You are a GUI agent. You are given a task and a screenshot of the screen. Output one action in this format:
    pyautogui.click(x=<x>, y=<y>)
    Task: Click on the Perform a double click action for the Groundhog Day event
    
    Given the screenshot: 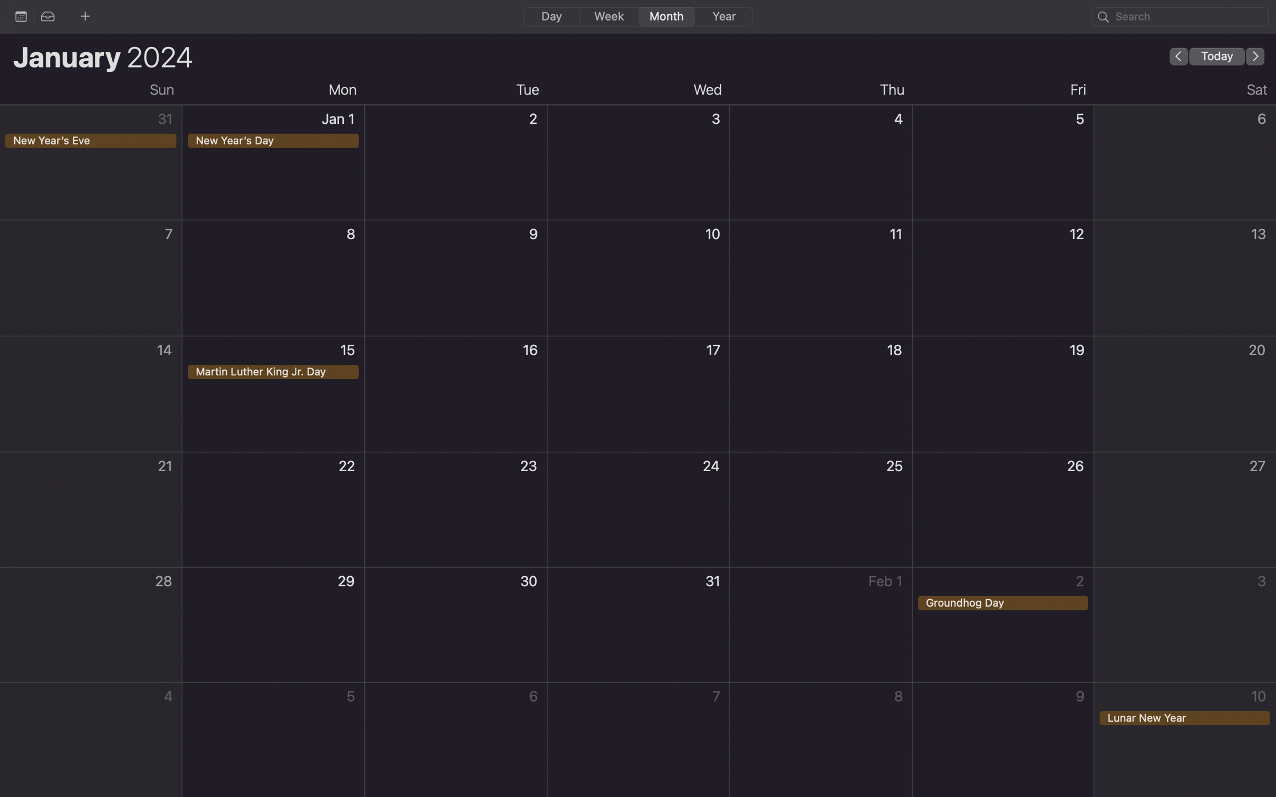 What is the action you would take?
    pyautogui.click(x=1006, y=626)
    